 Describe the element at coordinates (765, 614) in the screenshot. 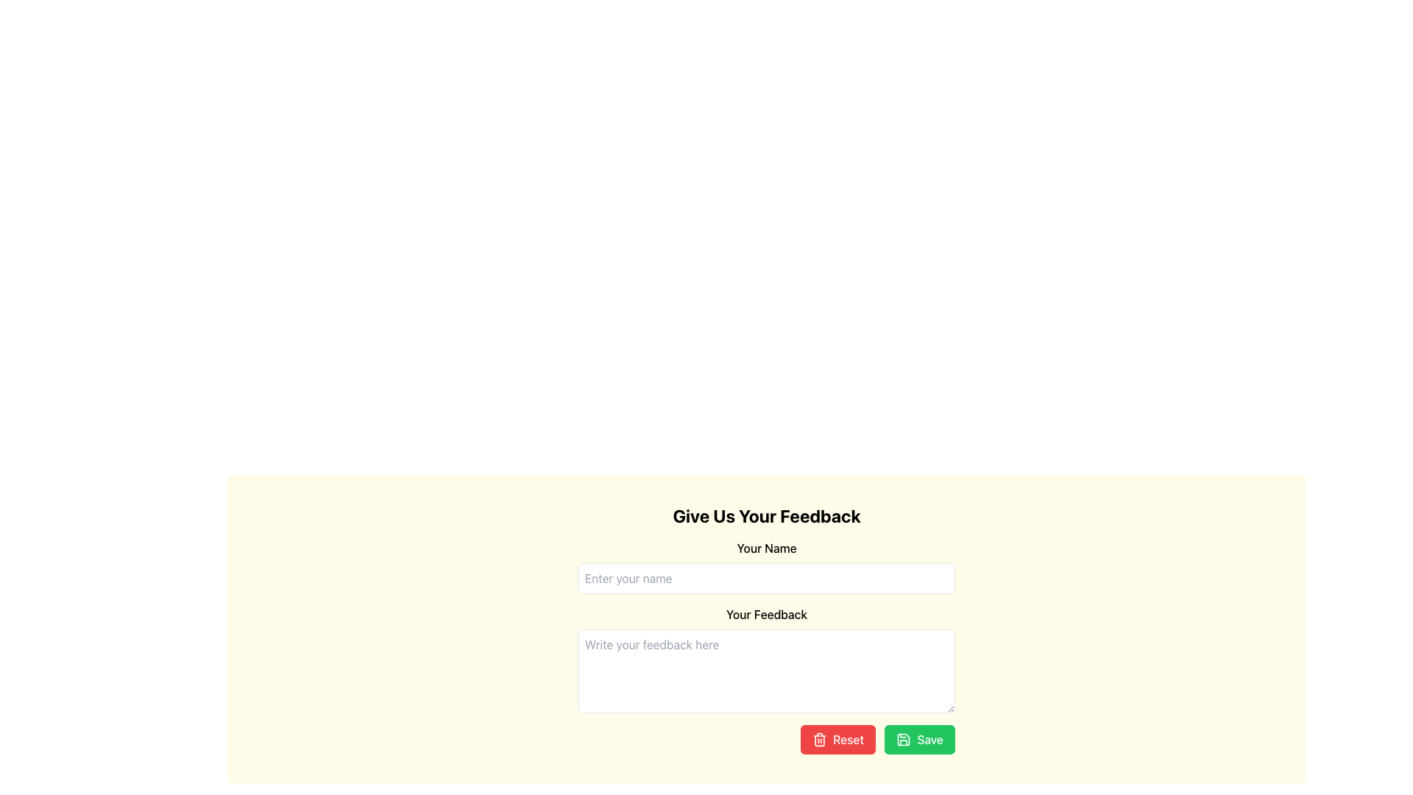

I see `label indicating the purpose of the feedback field located between the input field 'Enter your name' and the feedback text area` at that location.